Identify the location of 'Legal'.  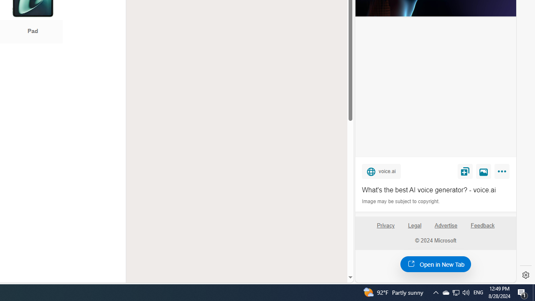
(415, 225).